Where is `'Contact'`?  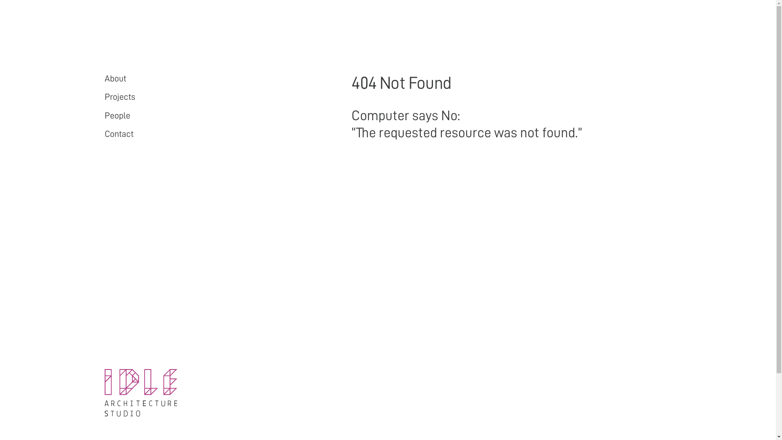
'Contact' is located at coordinates (118, 133).